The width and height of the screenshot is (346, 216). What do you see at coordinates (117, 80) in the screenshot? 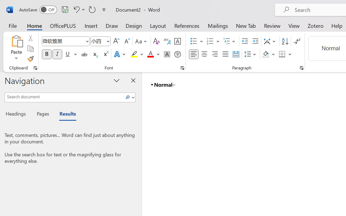
I see `'Task Pane Options'` at bounding box center [117, 80].